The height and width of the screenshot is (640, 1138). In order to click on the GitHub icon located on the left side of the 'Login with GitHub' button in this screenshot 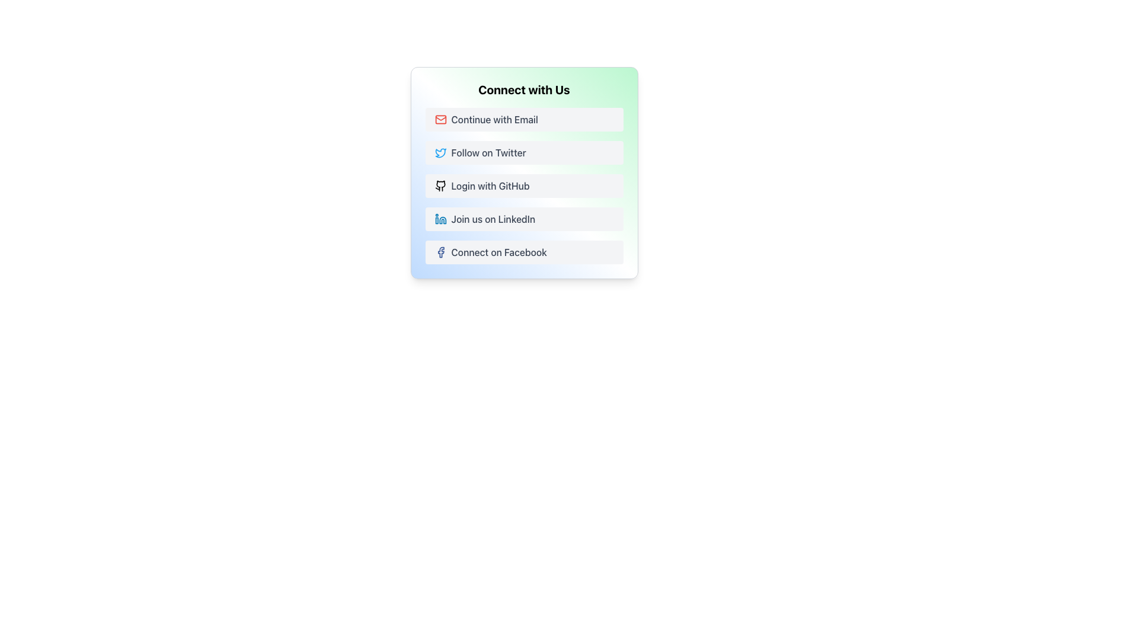, I will do `click(440, 185)`.